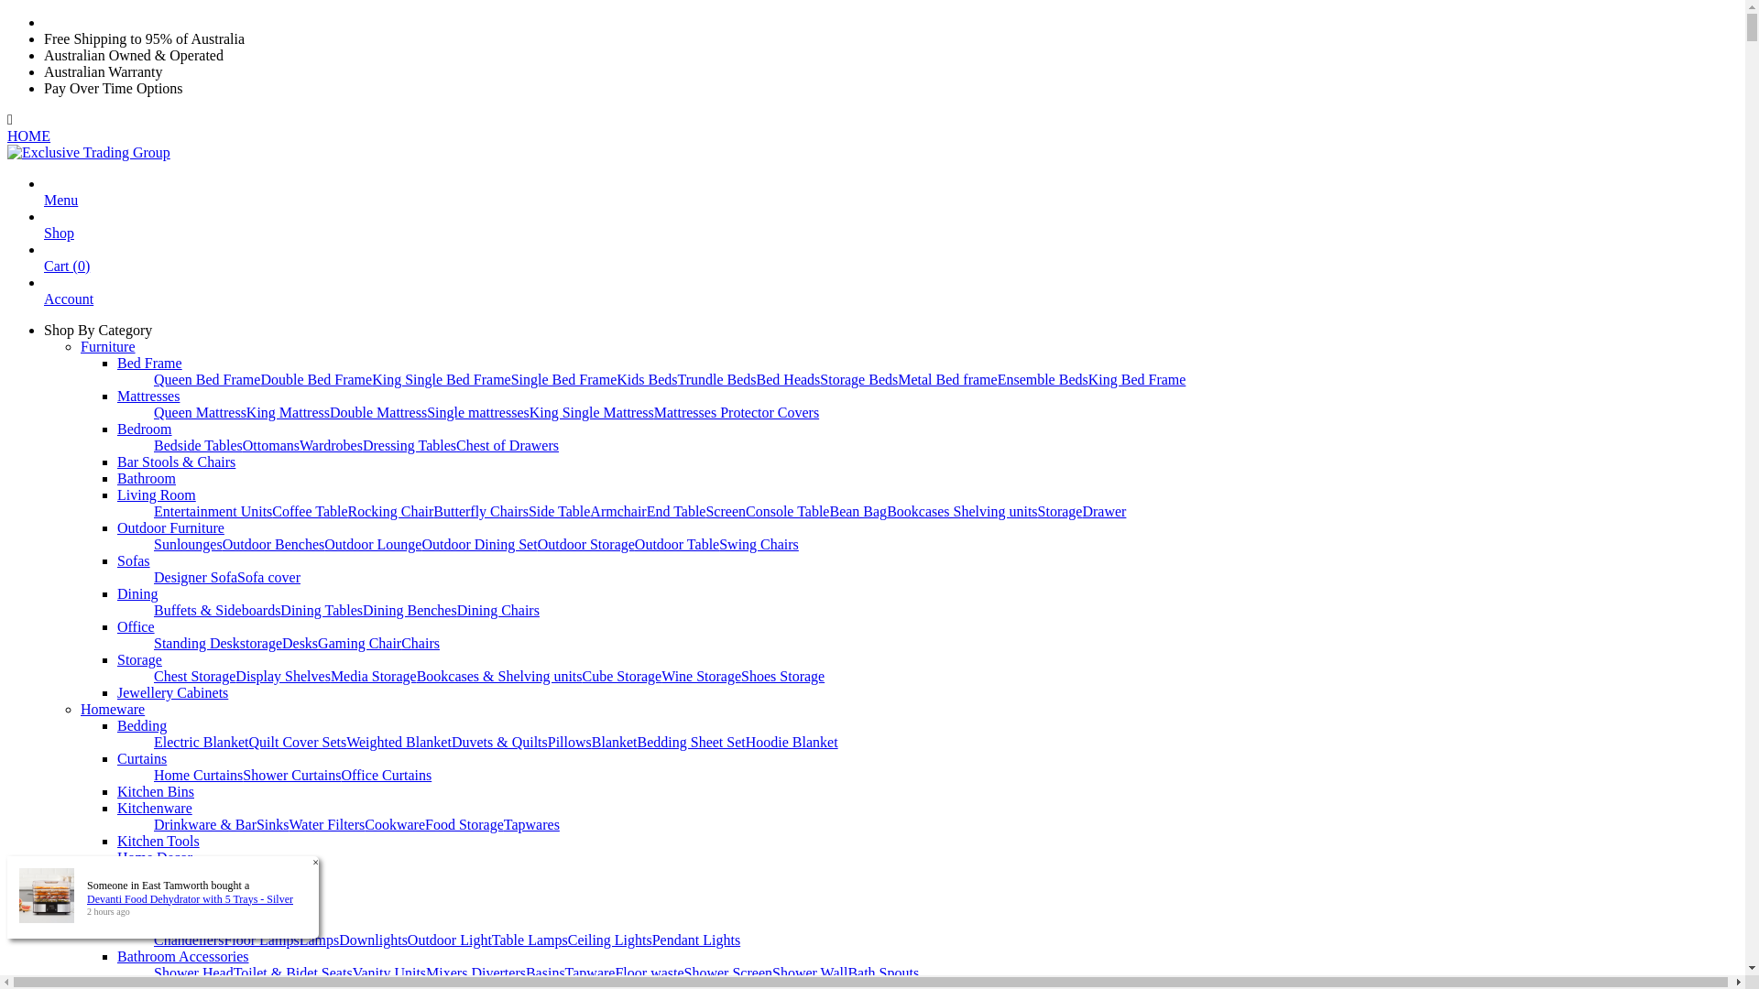  Describe the element at coordinates (141, 923) in the screenshot. I see `'Lighting'` at that location.